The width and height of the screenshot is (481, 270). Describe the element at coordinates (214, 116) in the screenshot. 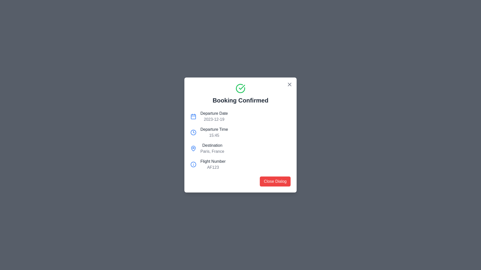

I see `the static text display showing 'Departure Date' and the date '2023-12-19' in the top-left section of the booking details list` at that location.